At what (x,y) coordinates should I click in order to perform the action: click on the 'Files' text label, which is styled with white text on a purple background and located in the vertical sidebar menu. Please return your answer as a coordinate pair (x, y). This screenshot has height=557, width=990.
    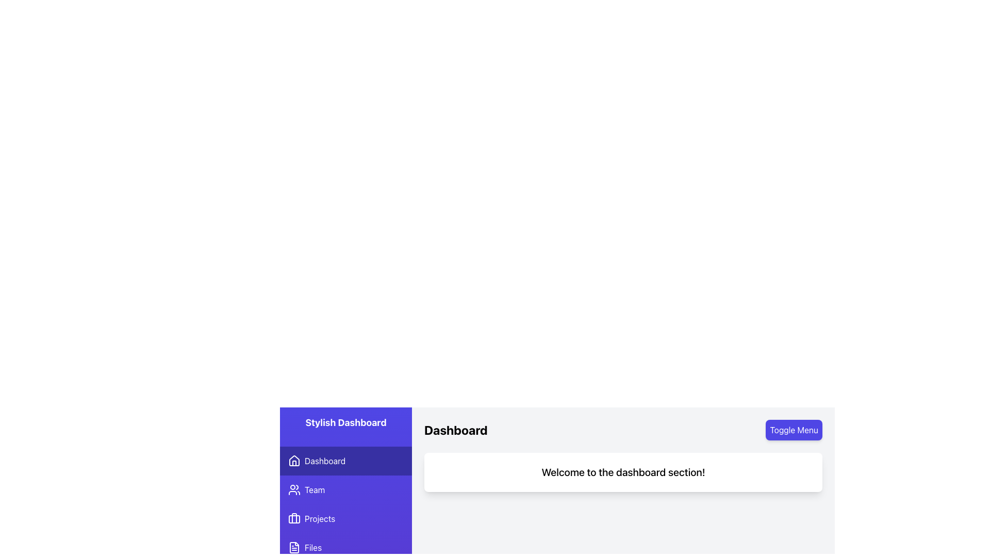
    Looking at the image, I should click on (312, 547).